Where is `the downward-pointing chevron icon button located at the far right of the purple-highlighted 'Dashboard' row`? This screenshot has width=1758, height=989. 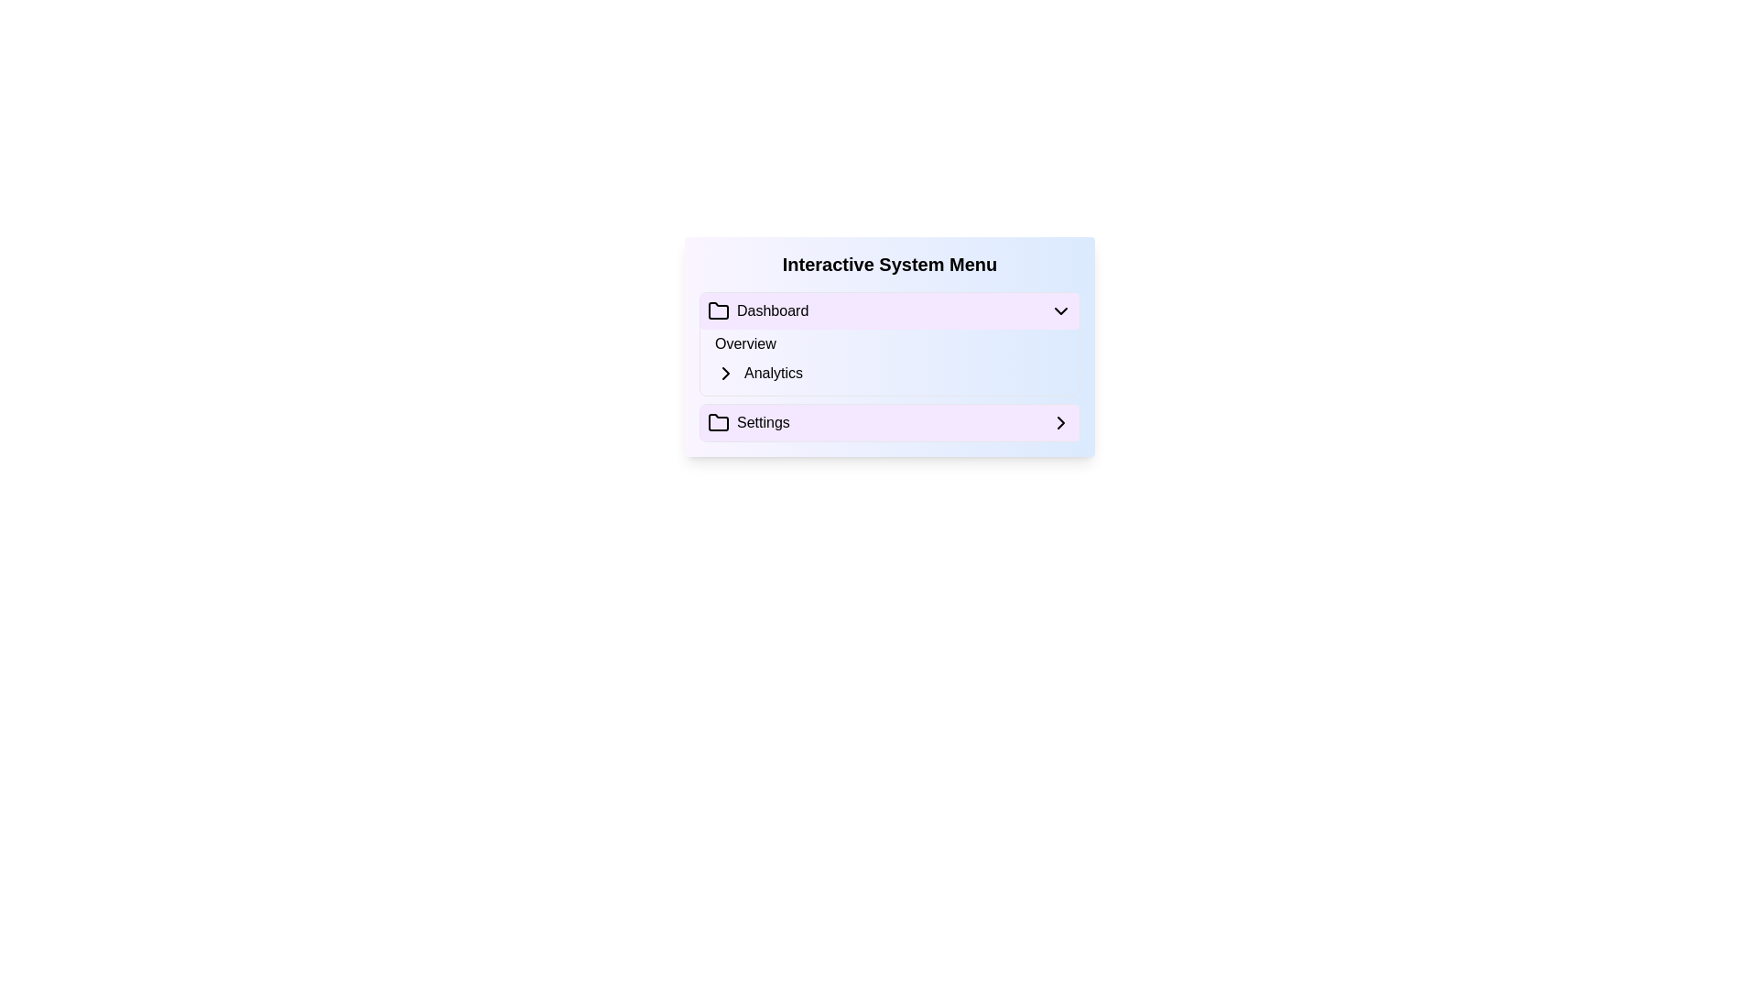
the downward-pointing chevron icon button located at the far right of the purple-highlighted 'Dashboard' row is located at coordinates (1060, 310).